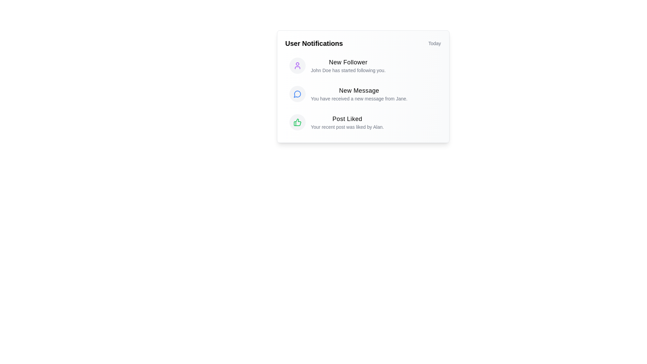 This screenshot has width=647, height=364. Describe the element at coordinates (297, 94) in the screenshot. I see `the 'New Message' notification icon located to the left of the text indicating a new message from Jane` at that location.